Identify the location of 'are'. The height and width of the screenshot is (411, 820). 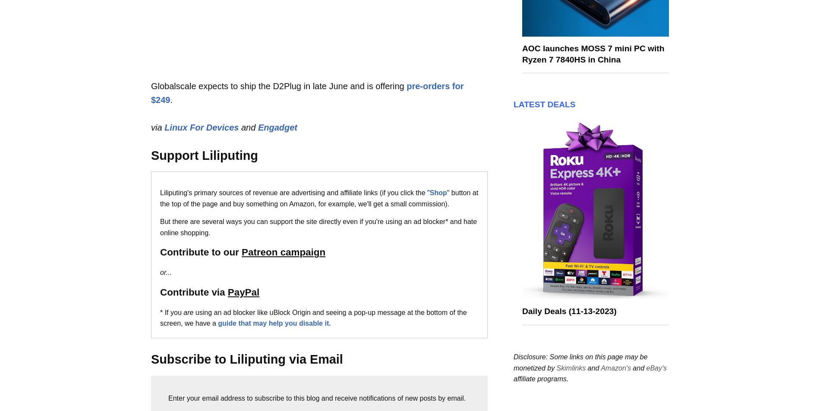
(188, 312).